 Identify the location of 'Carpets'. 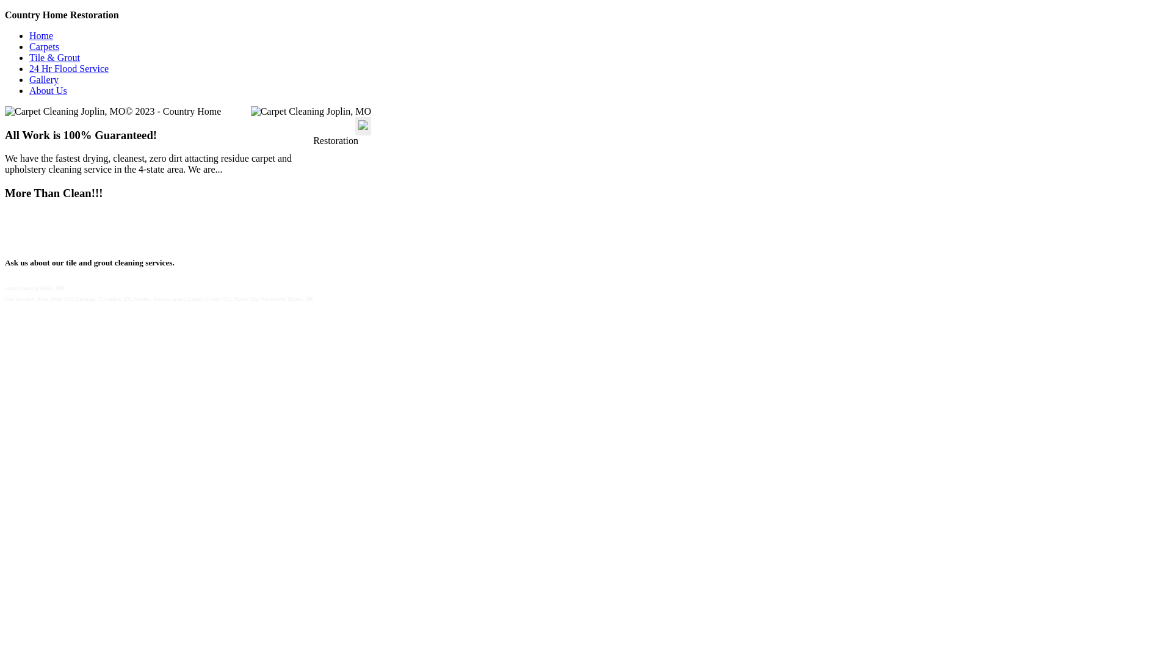
(29, 46).